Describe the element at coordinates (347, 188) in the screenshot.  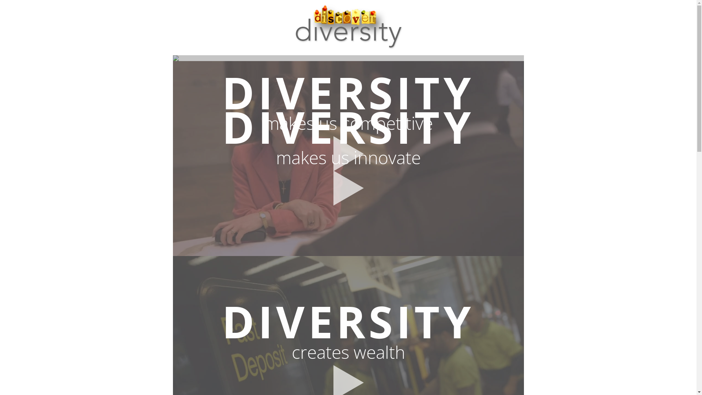
I see `'Play video'` at that location.